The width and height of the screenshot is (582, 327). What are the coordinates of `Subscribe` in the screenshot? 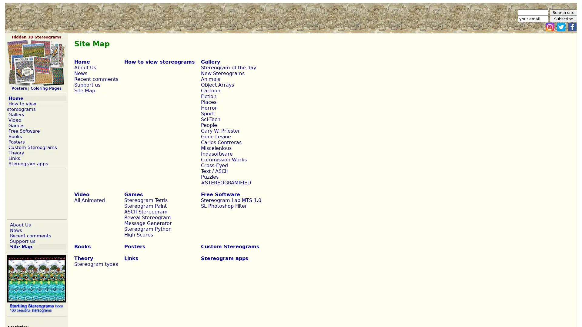 It's located at (563, 18).